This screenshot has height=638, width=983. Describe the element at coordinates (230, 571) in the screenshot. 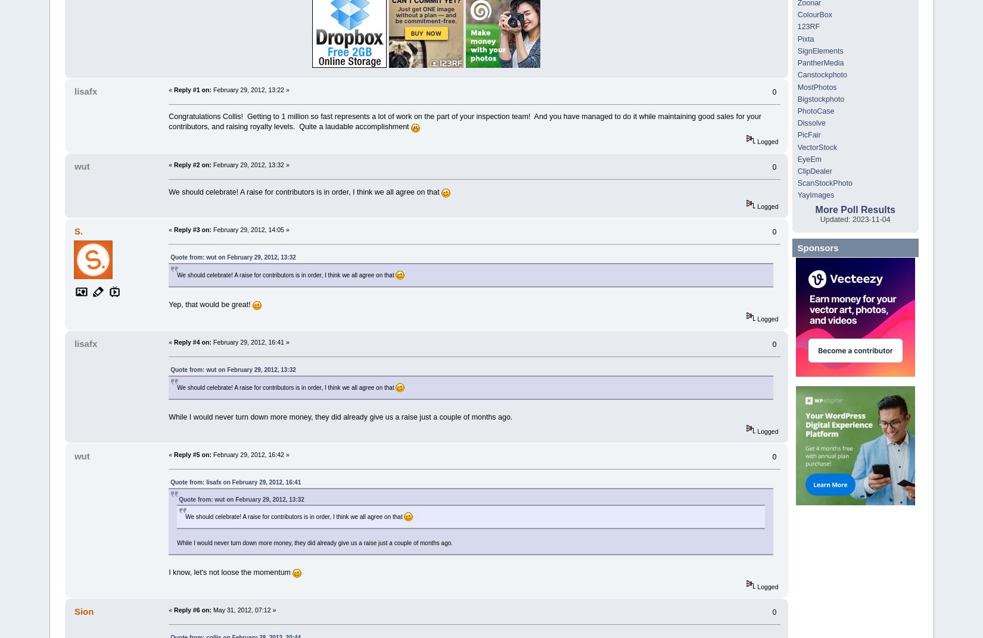

I see `'I know, let's not loose the momentum'` at that location.